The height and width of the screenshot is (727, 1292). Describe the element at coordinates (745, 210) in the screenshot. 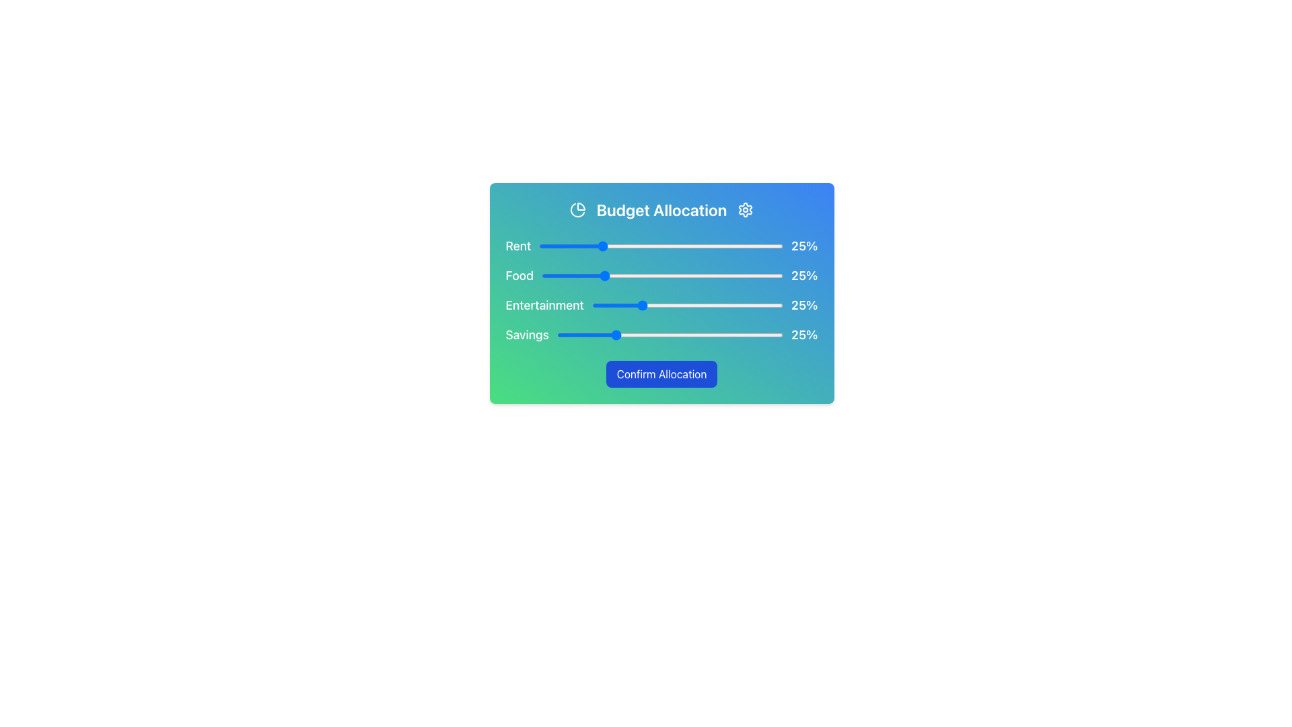

I see `the gear icon located at the top-right side of the budget allocation card` at that location.